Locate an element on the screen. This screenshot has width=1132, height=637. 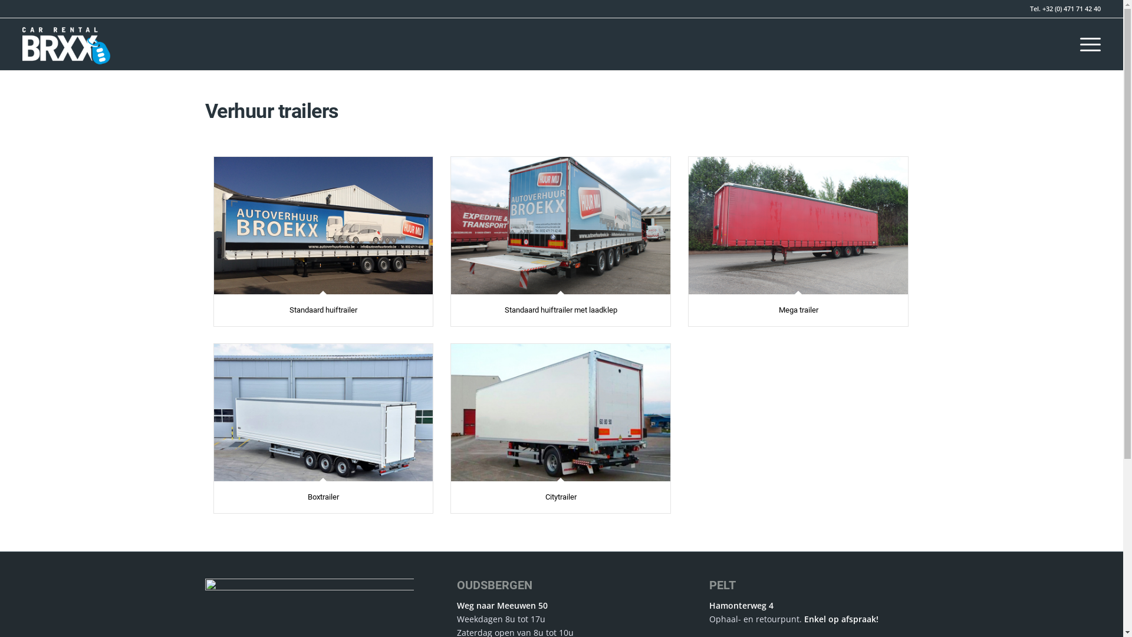
'Mega trailer' is located at coordinates (798, 225).